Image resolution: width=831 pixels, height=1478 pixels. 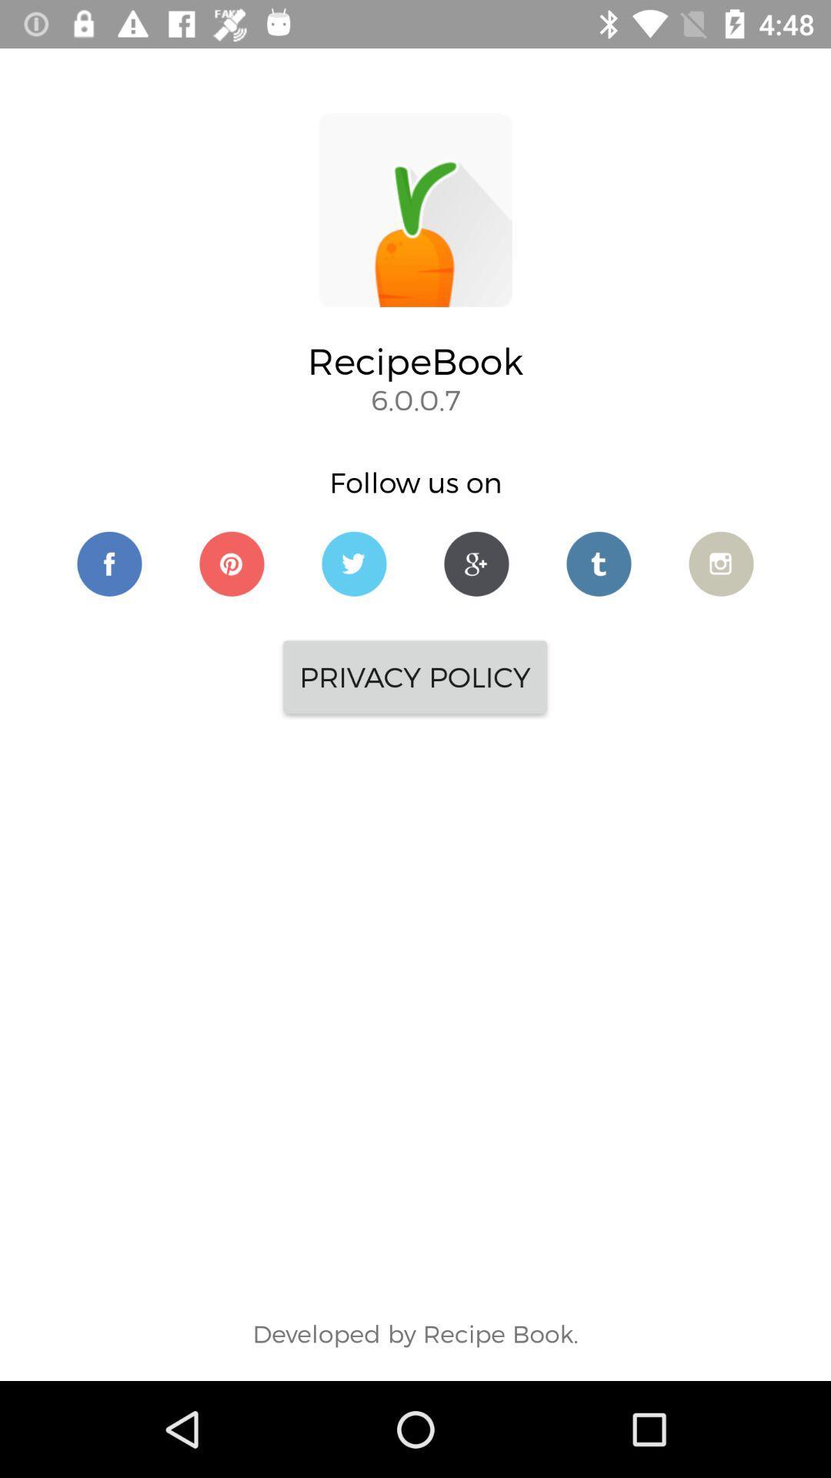 What do you see at coordinates (108, 563) in the screenshot?
I see `facebook` at bounding box center [108, 563].